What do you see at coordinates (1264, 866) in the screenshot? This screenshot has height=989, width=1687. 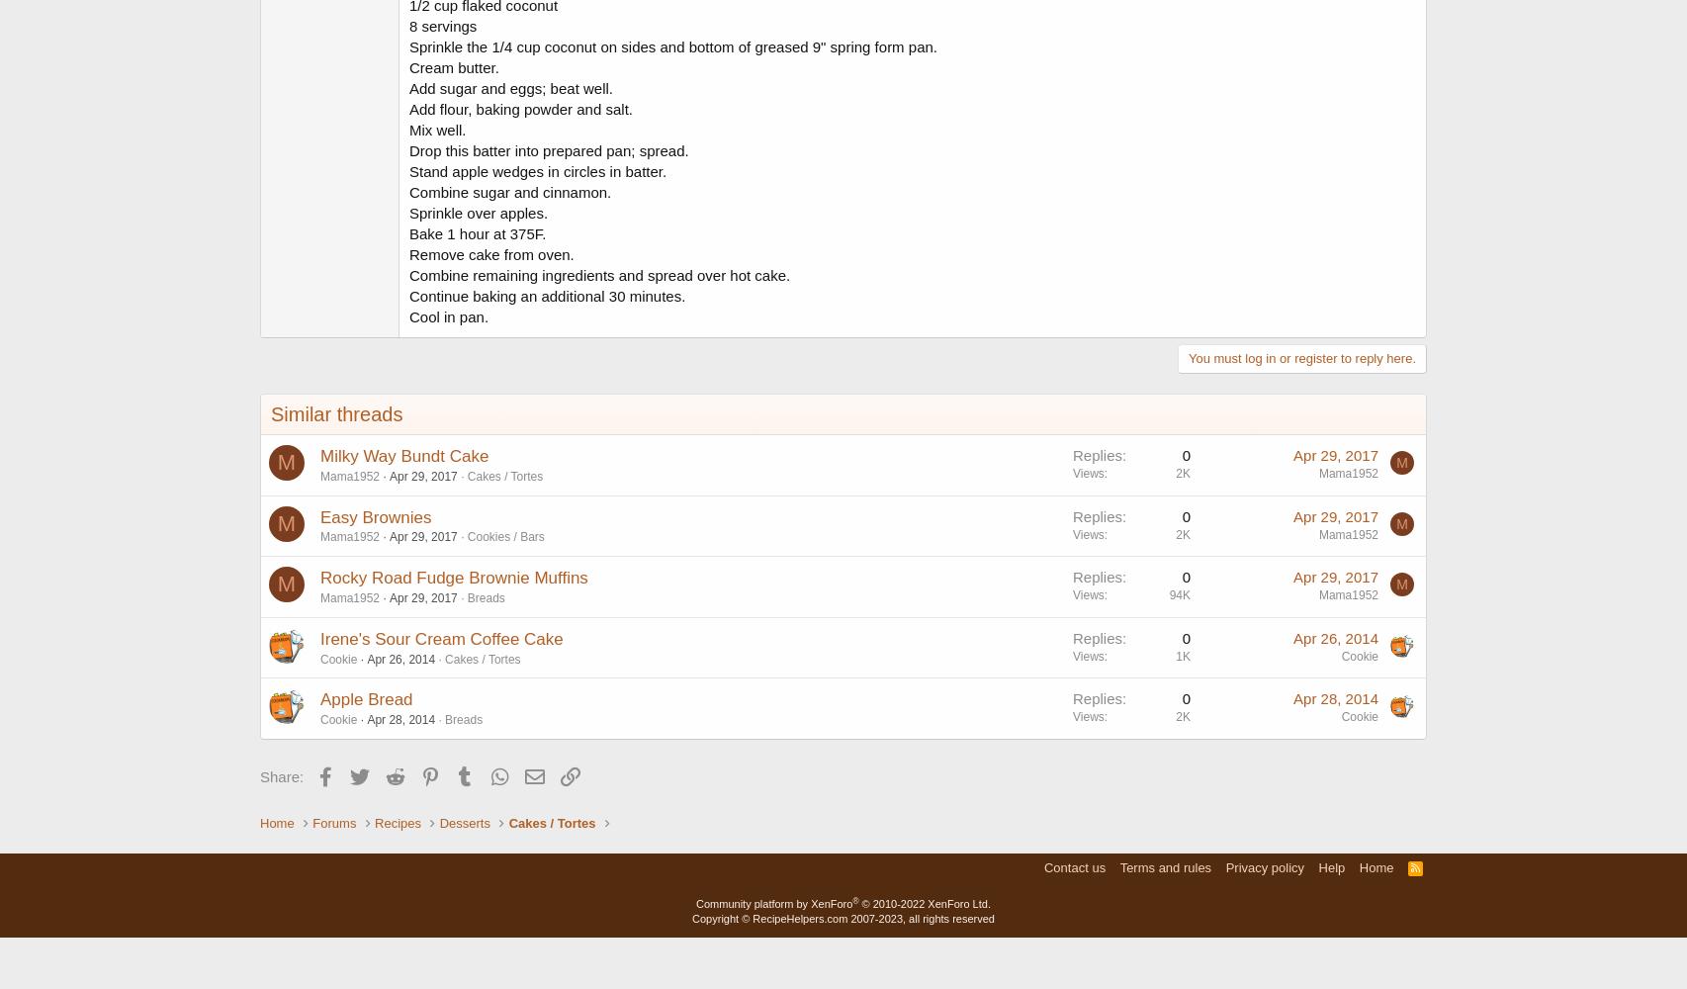 I see `'Privacy policy'` at bounding box center [1264, 866].